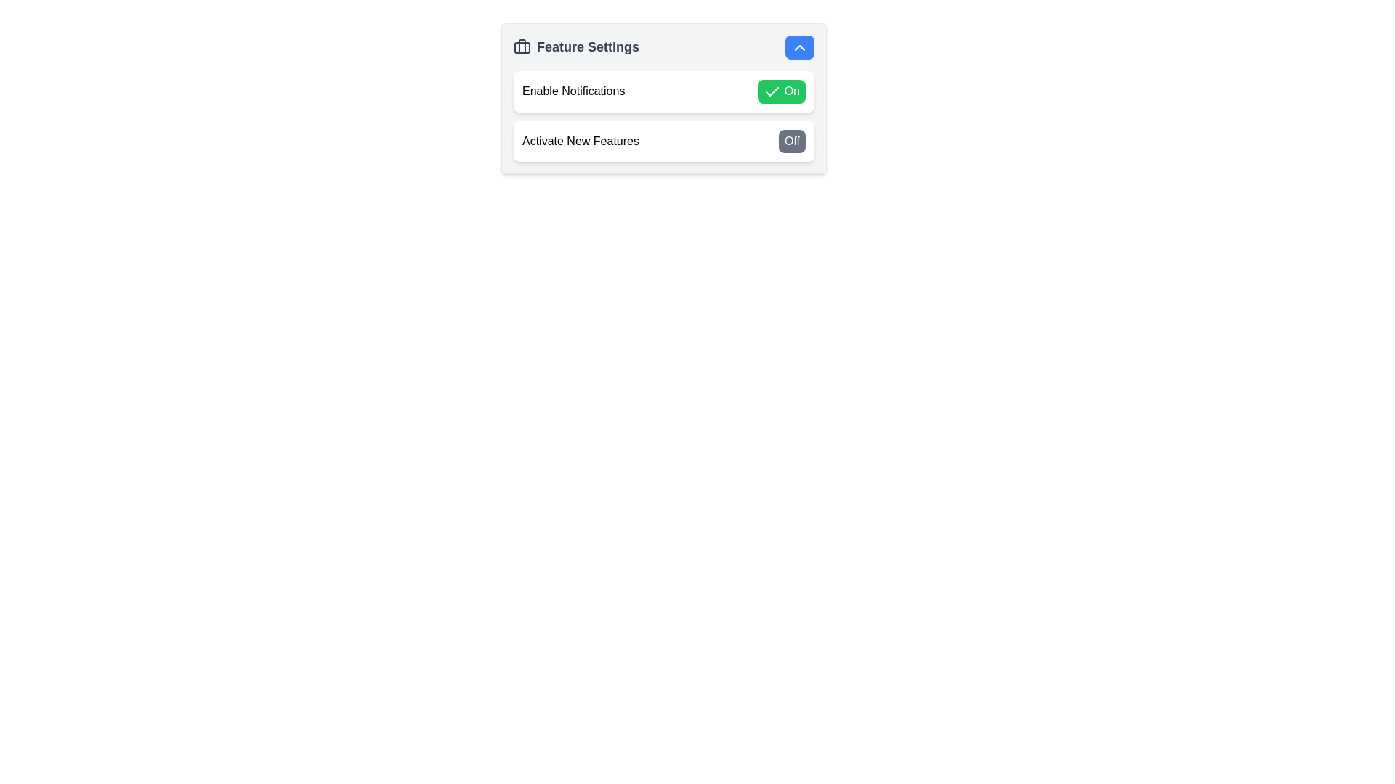 The image size is (1395, 784). I want to click on the rectangular button labeled 'Off' with a gray background by, so click(791, 141).